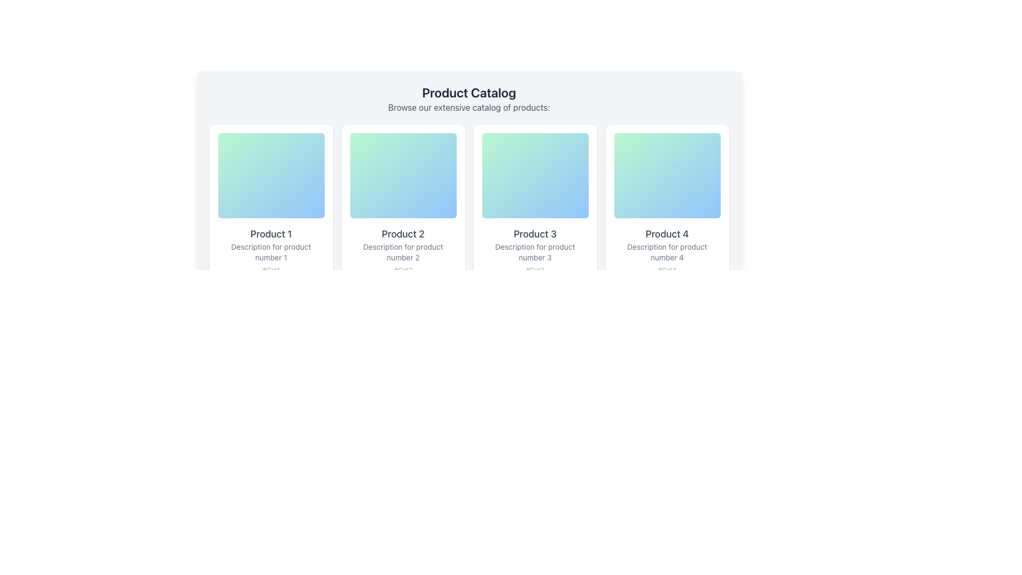 Image resolution: width=1022 pixels, height=575 pixels. Describe the element at coordinates (271, 252) in the screenshot. I see `text content of the gray-colored text block displaying 'Description for product number 1', which is located below the bold text 'Product 1' and above the text '#Cat1'` at that location.